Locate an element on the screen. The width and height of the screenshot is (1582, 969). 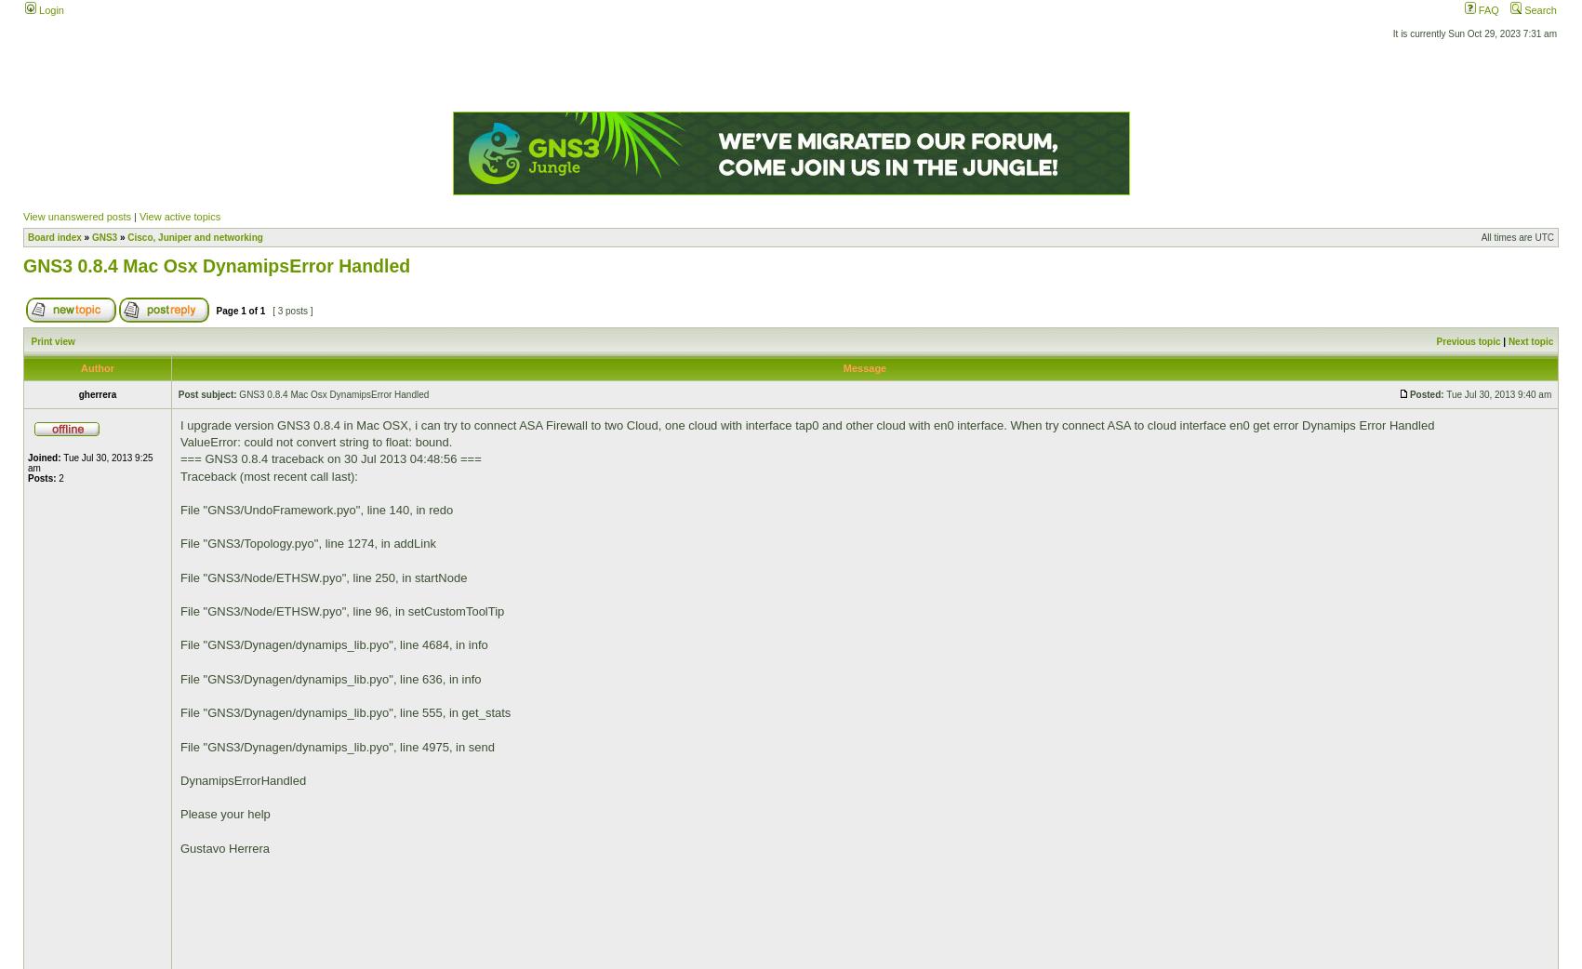
'All times are UTC' is located at coordinates (1479, 236).